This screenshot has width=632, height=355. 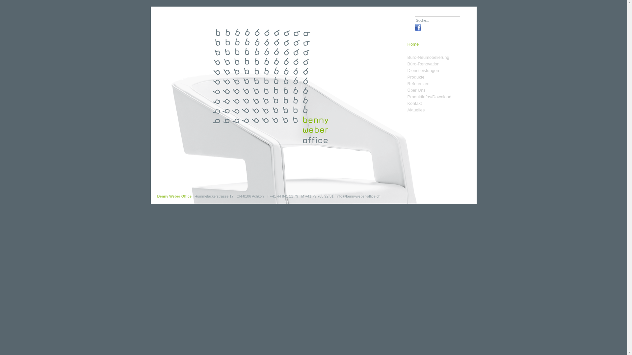 I want to click on 'info@bennyweber-office.ch', so click(x=358, y=196).